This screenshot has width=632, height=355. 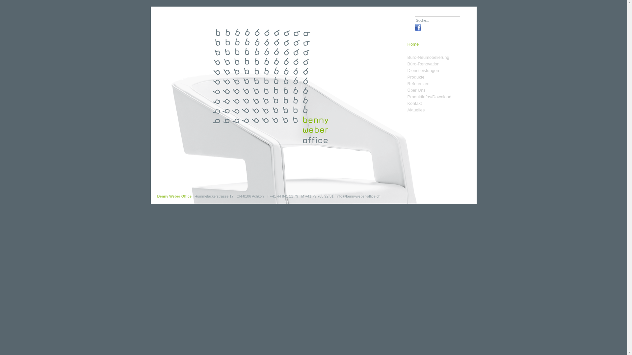 I want to click on 'info@bennyweber-office.ch', so click(x=358, y=196).